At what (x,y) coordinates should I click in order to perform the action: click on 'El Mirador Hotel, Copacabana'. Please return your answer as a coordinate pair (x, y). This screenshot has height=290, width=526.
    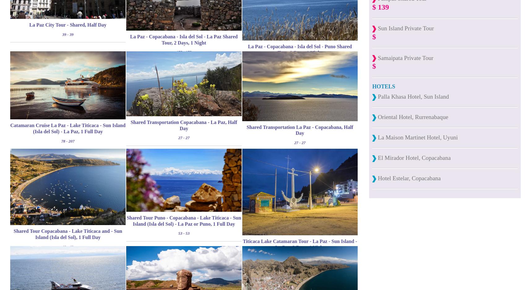
    Looking at the image, I should click on (413, 157).